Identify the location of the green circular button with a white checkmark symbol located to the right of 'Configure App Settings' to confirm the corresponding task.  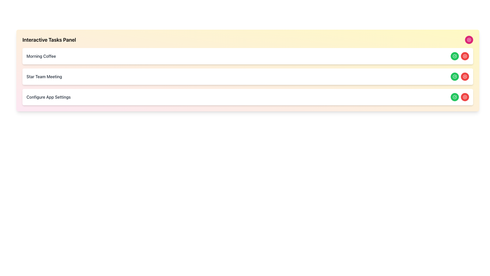
(455, 97).